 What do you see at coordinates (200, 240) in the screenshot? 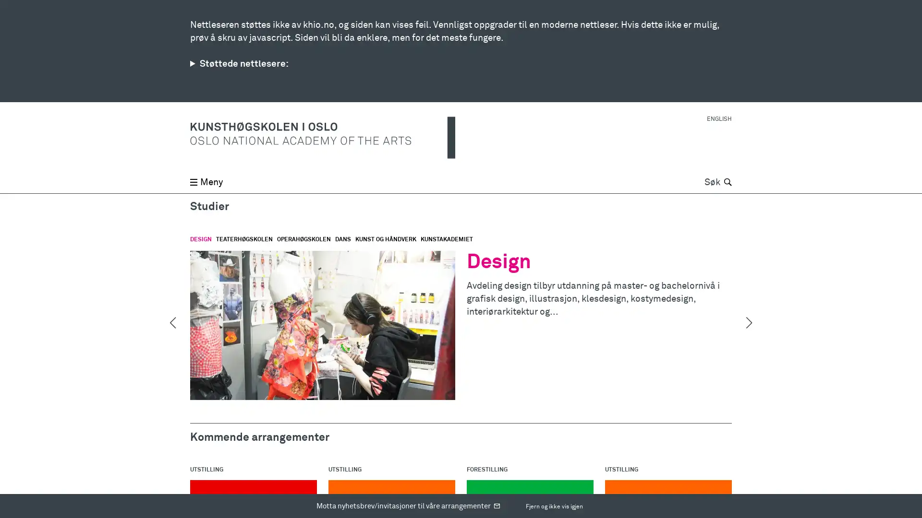
I see `DESIGN` at bounding box center [200, 240].